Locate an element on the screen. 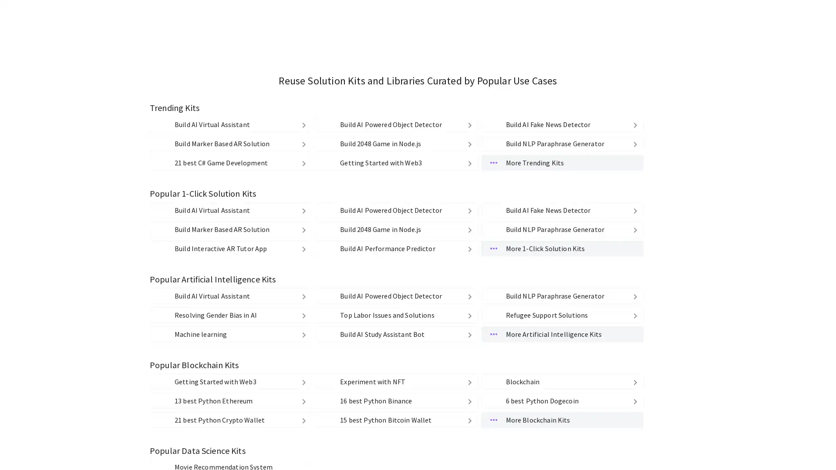  delete is located at coordinates (292, 448).